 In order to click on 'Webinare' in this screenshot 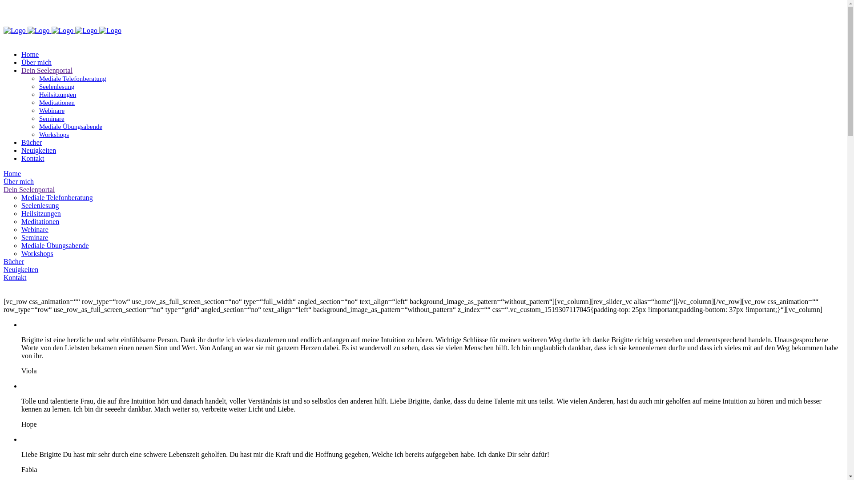, I will do `click(35, 229)`.